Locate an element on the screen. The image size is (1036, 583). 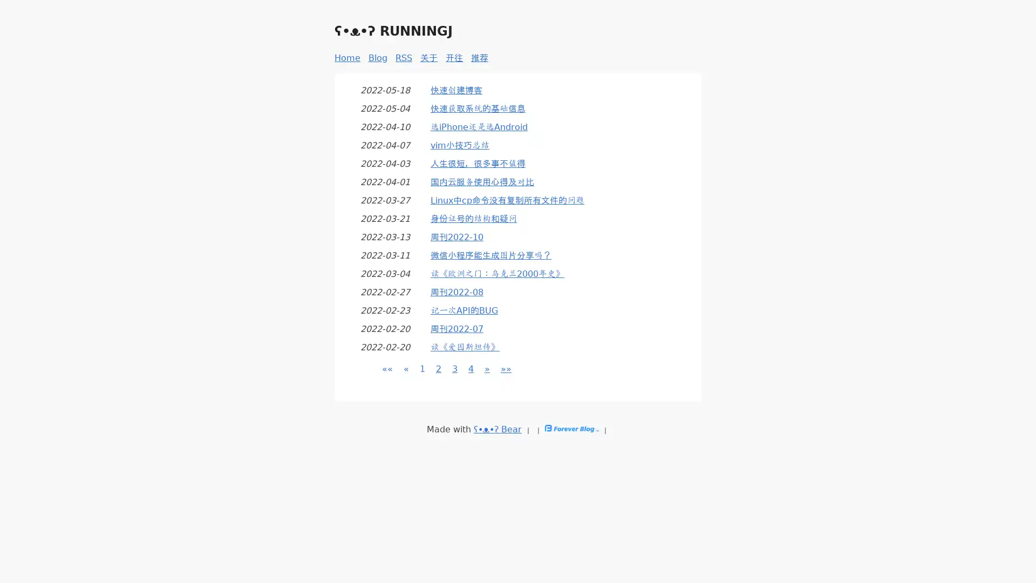
Page 1 is located at coordinates (421, 368).